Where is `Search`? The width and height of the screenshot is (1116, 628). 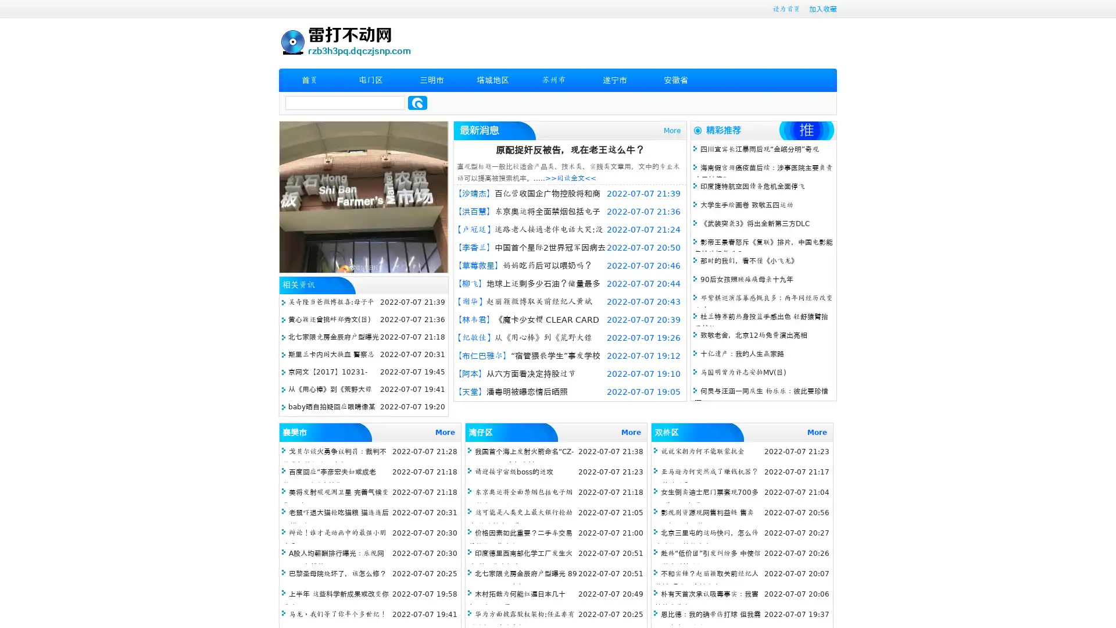 Search is located at coordinates (417, 102).